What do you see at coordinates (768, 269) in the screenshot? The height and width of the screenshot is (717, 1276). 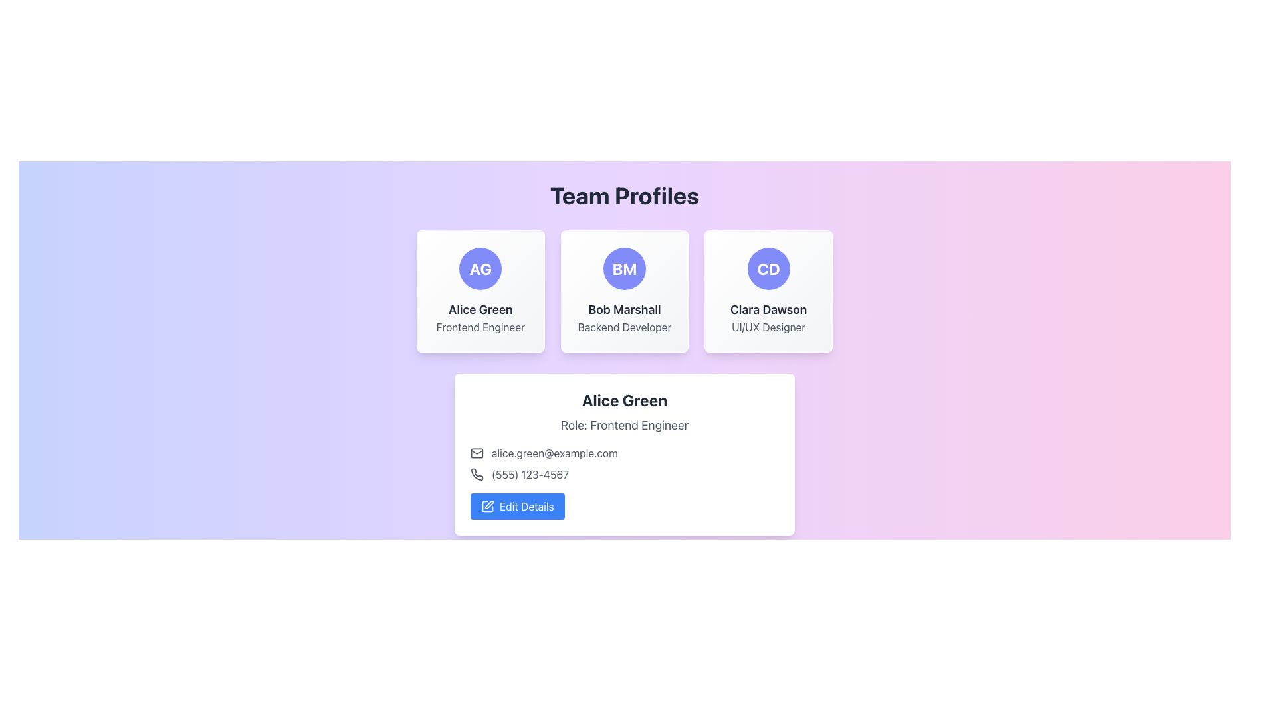 I see `the Circular Avatar Badge representing 'Clara Dawson', located at the top-right corner of the profile card, above the name and job title` at bounding box center [768, 269].